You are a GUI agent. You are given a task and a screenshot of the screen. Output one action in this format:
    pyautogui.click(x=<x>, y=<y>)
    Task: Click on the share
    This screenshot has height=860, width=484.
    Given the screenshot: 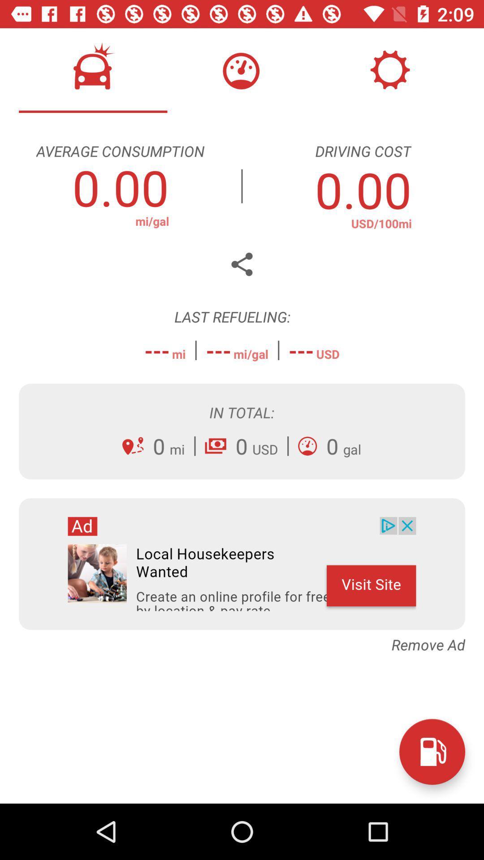 What is the action you would take?
    pyautogui.click(x=242, y=264)
    